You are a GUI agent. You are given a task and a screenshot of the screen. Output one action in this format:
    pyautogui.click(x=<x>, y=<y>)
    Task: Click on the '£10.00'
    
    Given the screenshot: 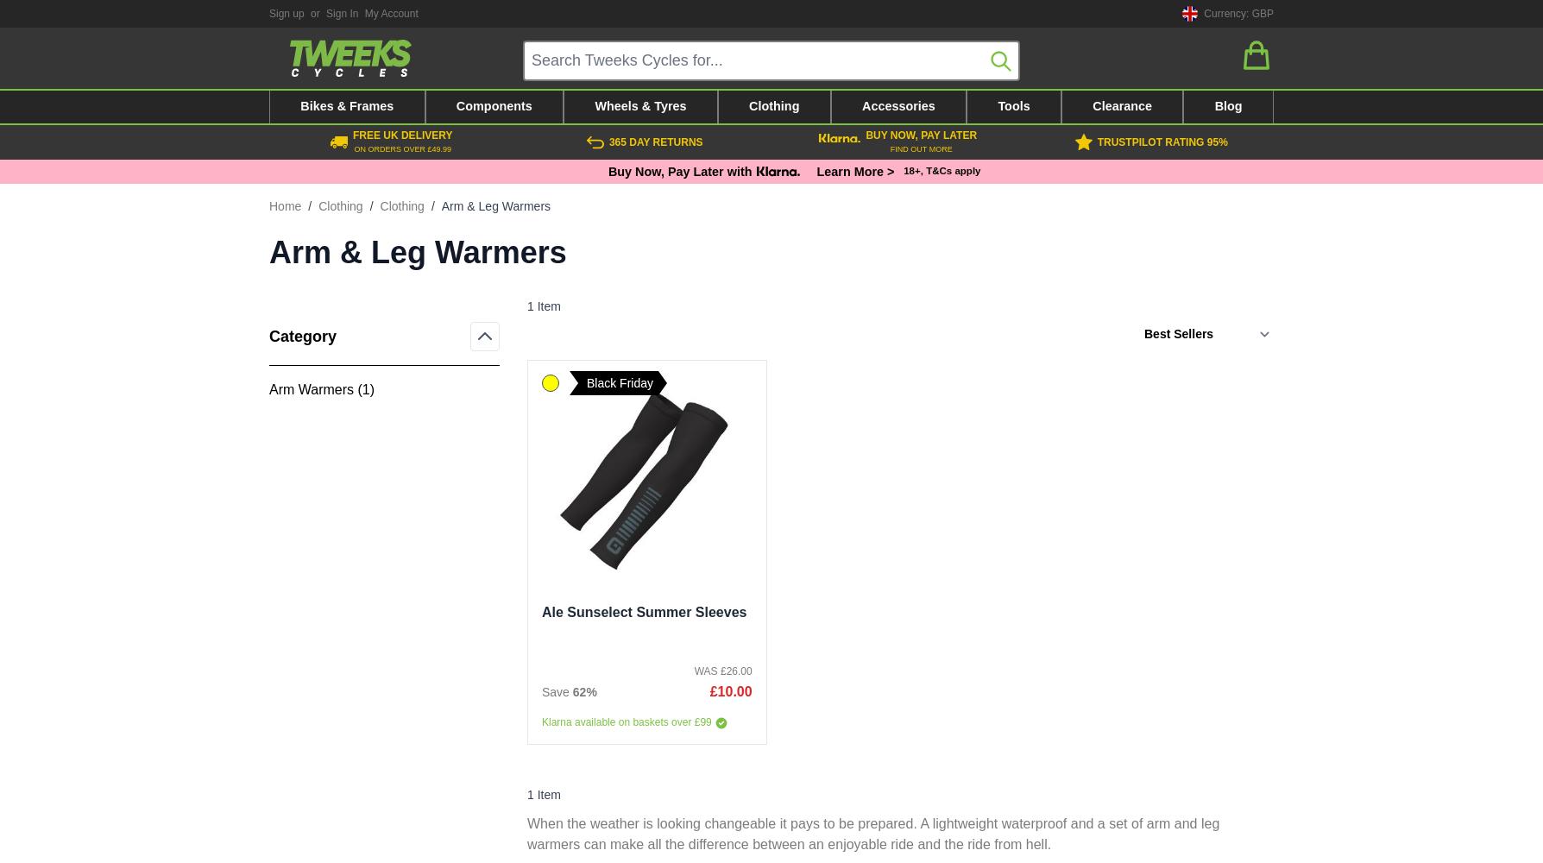 What is the action you would take?
    pyautogui.click(x=729, y=690)
    